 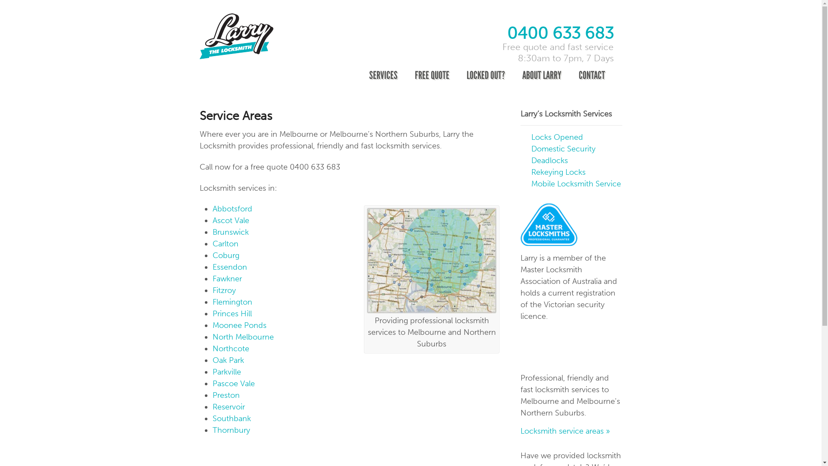 What do you see at coordinates (226, 255) in the screenshot?
I see `'Coburg'` at bounding box center [226, 255].